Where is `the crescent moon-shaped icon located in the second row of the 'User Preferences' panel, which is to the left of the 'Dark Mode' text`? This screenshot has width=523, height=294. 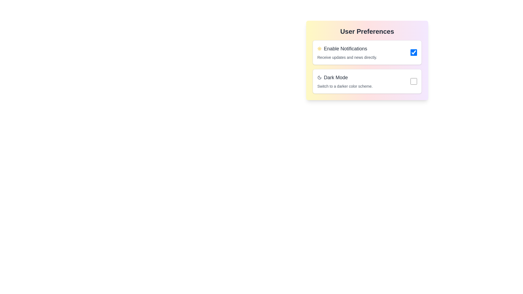 the crescent moon-shaped icon located in the second row of the 'User Preferences' panel, which is to the left of the 'Dark Mode' text is located at coordinates (319, 78).